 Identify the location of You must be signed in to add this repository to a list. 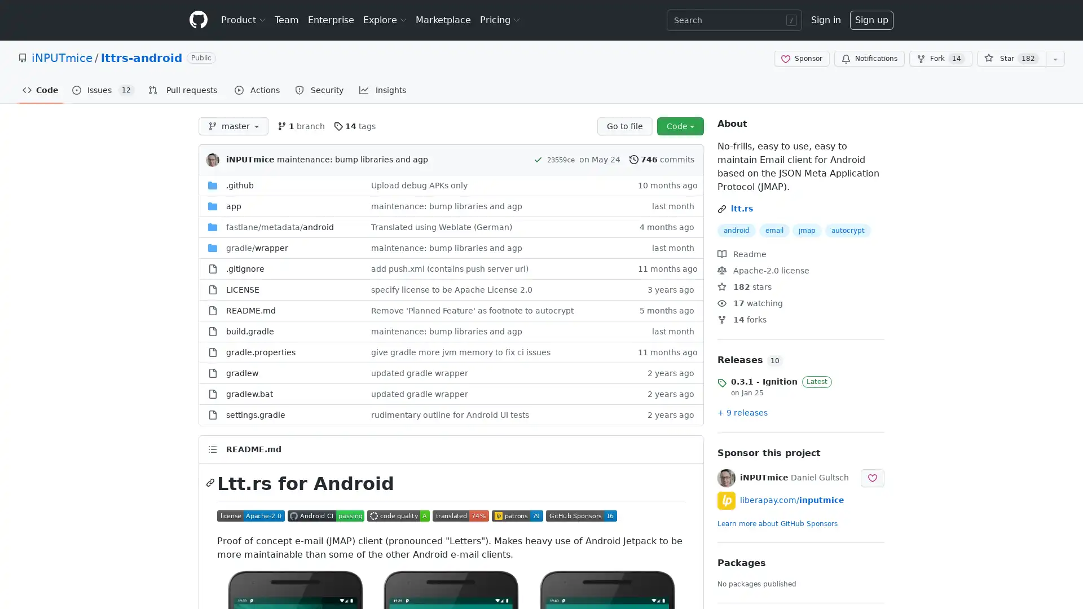
(1055, 59).